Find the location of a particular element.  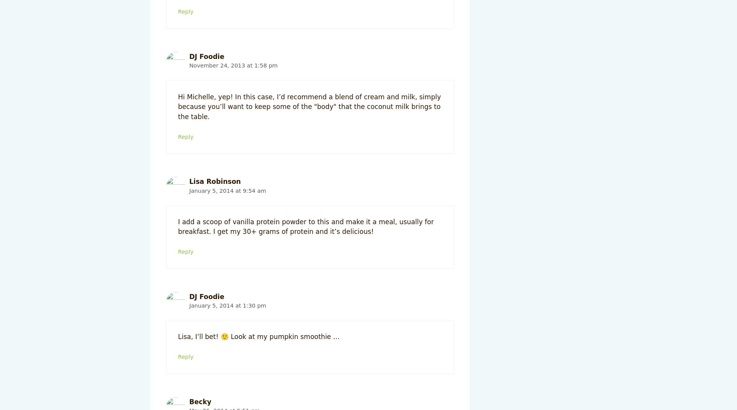

'I add a scoop of vanilla protein powder to this and make it a meal, usually for breakfast. I get my 30+ grams of protein and it’s delicious!' is located at coordinates (305, 226).